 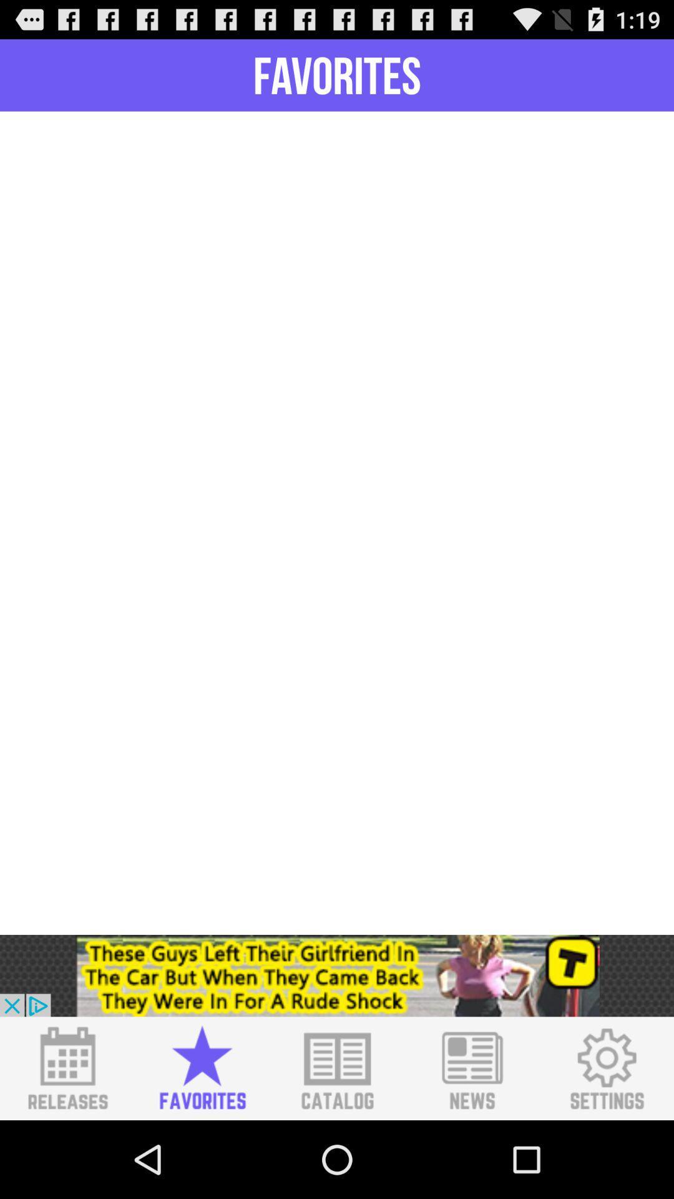 What do you see at coordinates (202, 1068) in the screenshot?
I see `favorites list` at bounding box center [202, 1068].